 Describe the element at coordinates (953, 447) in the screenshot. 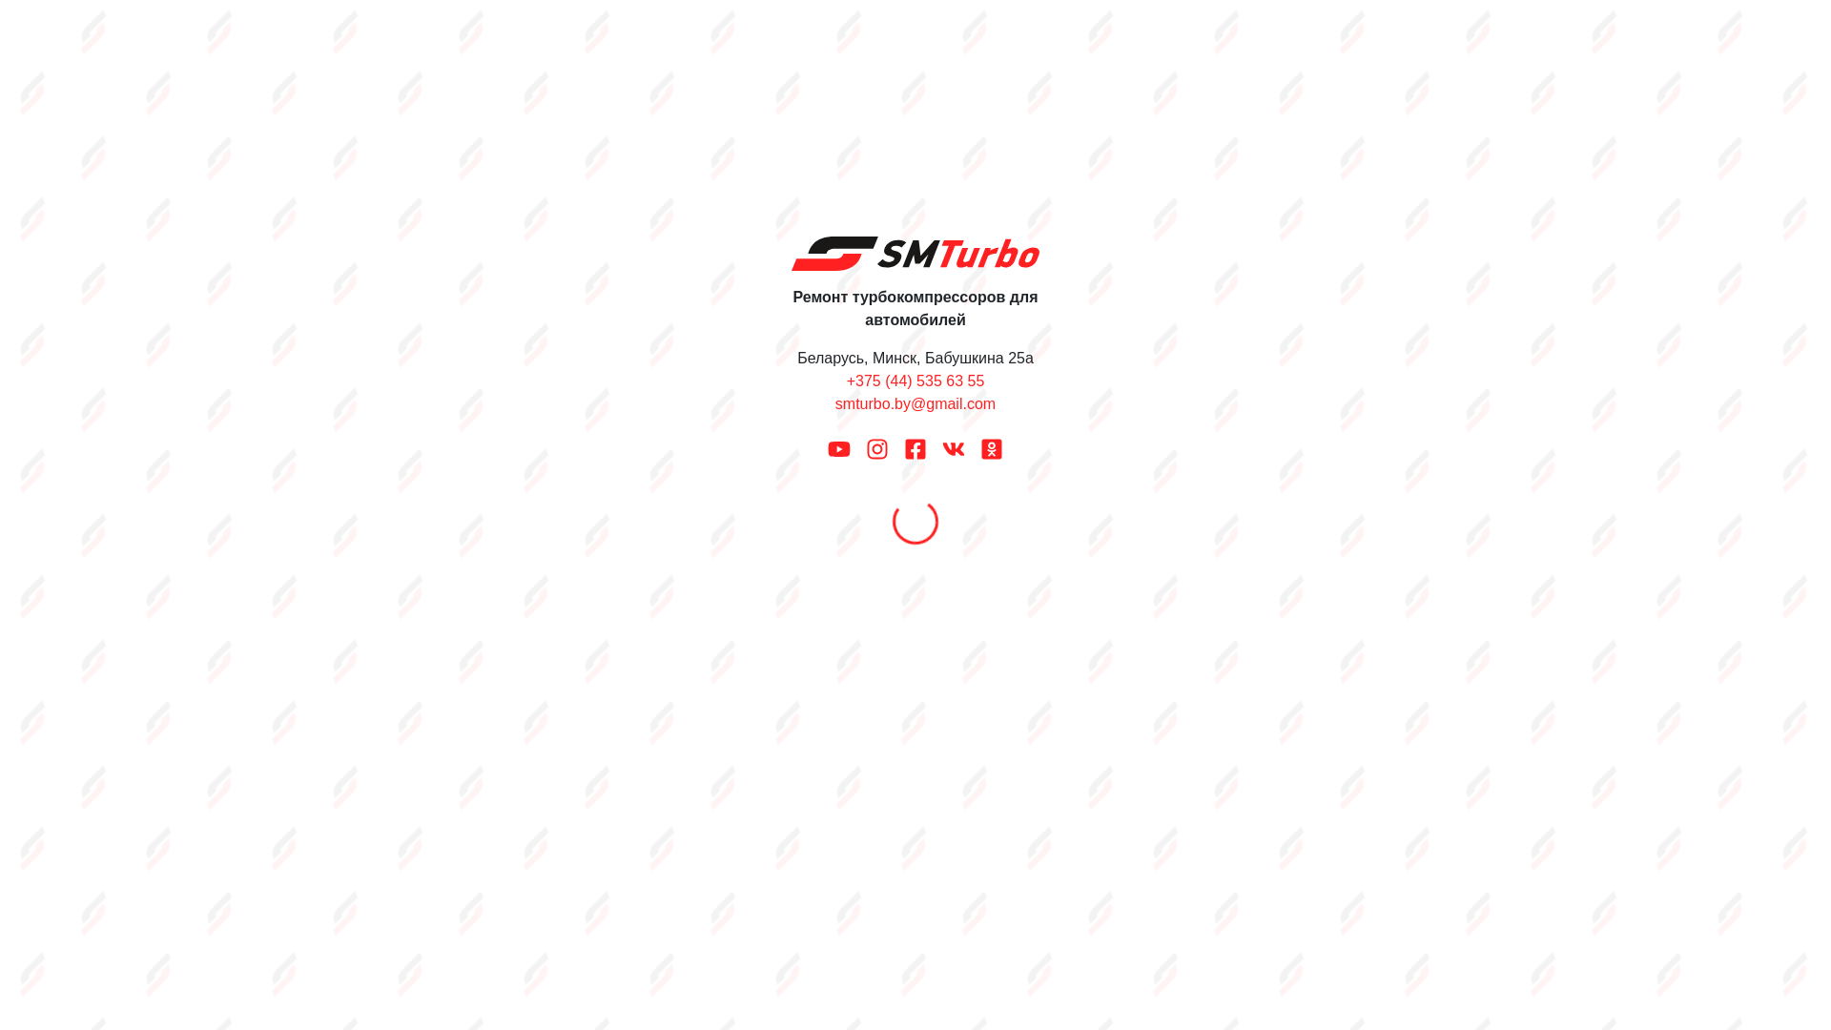

I see `'VK'` at that location.